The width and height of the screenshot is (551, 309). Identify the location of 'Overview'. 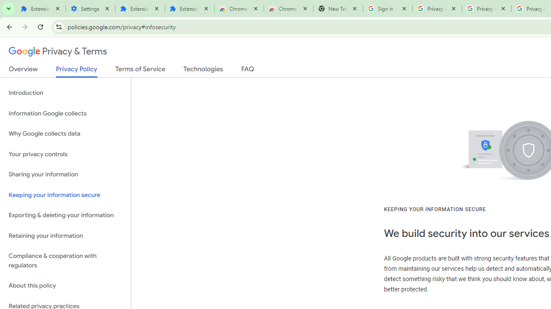
(23, 70).